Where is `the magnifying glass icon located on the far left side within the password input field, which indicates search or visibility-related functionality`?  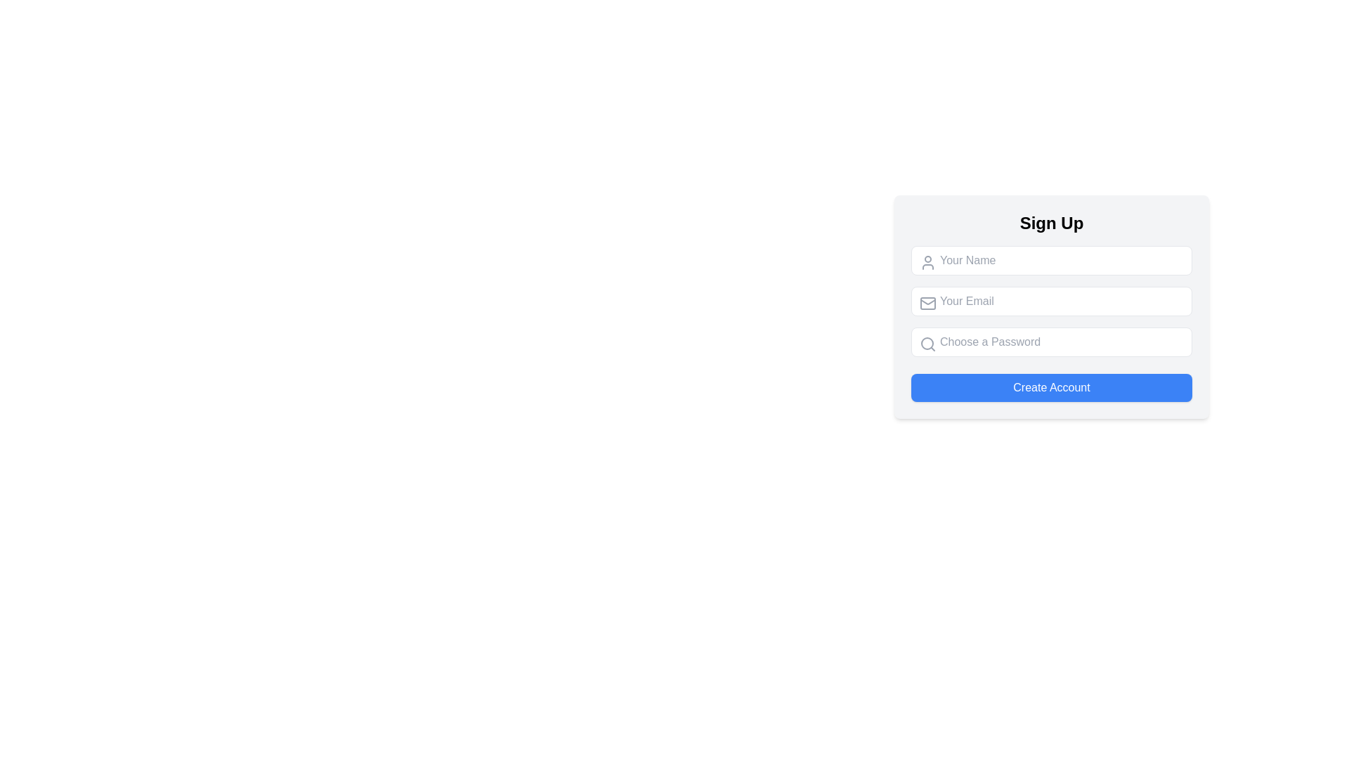 the magnifying glass icon located on the far left side within the password input field, which indicates search or visibility-related functionality is located at coordinates (927, 344).